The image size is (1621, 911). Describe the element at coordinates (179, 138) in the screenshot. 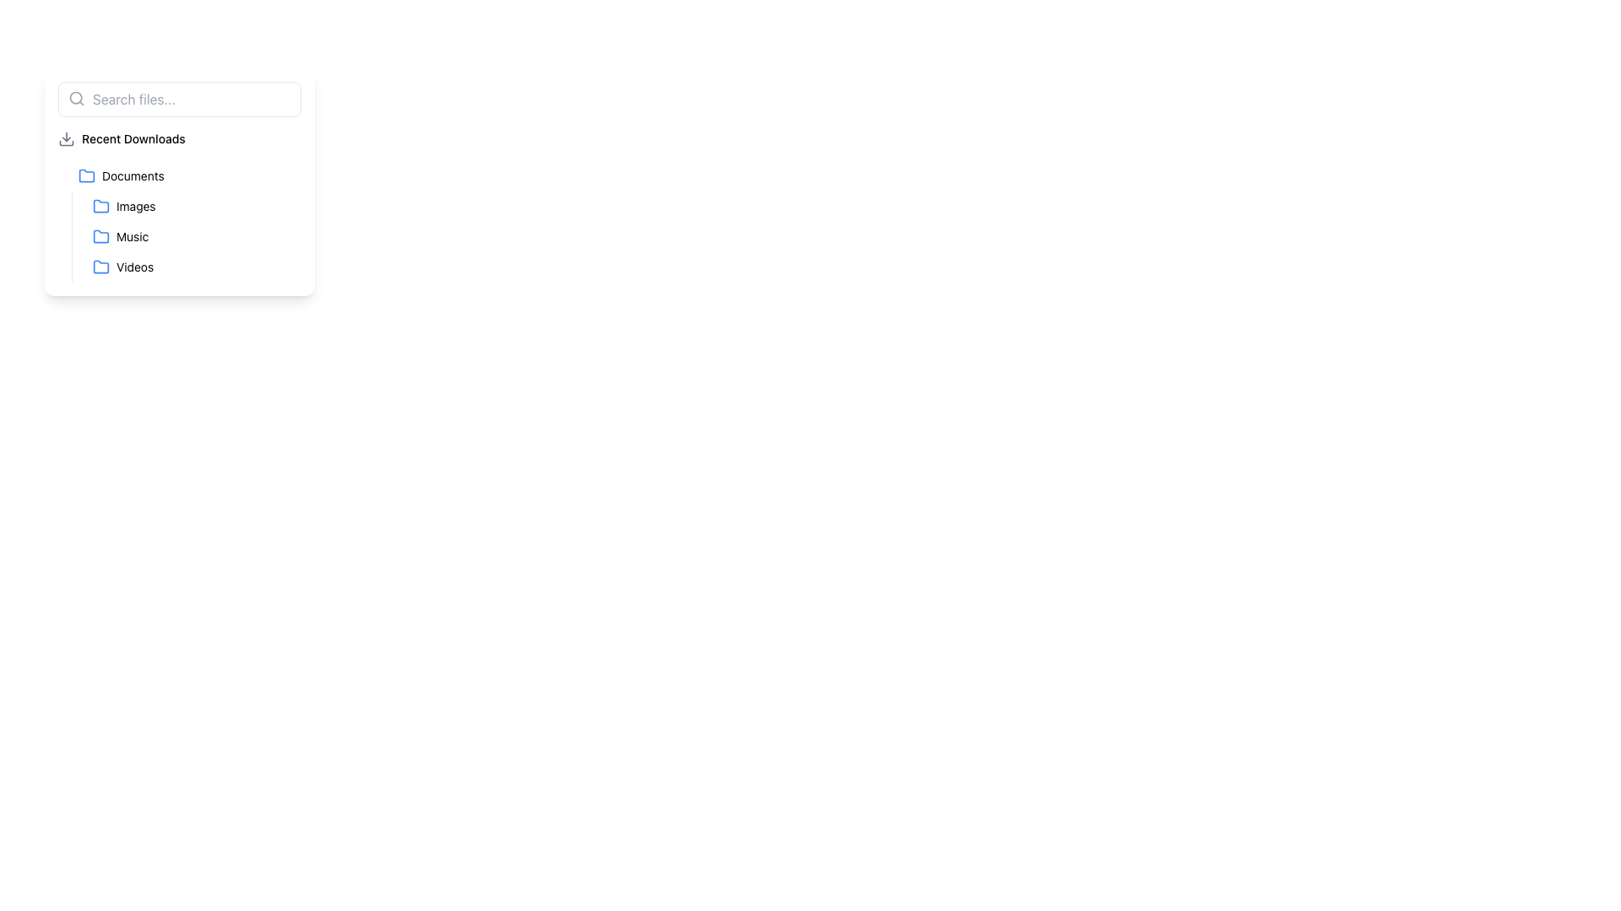

I see `the 'Recent Downloads' section header which includes a download icon and the text 'Recent Downloads', located in the file navigation panel beneath the search bar` at that location.